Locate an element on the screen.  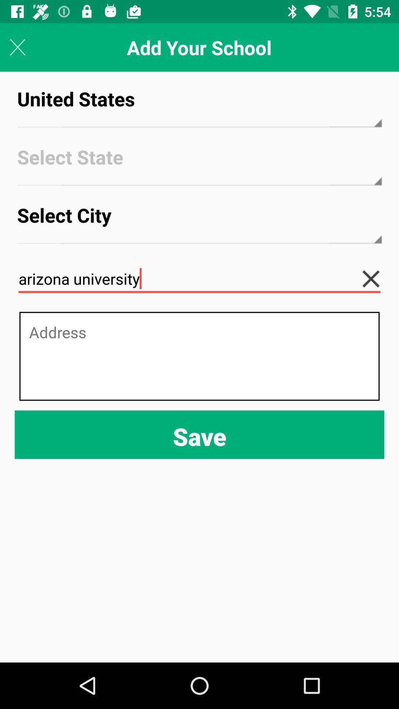
the icon above the arizona university icon is located at coordinates (199, 222).